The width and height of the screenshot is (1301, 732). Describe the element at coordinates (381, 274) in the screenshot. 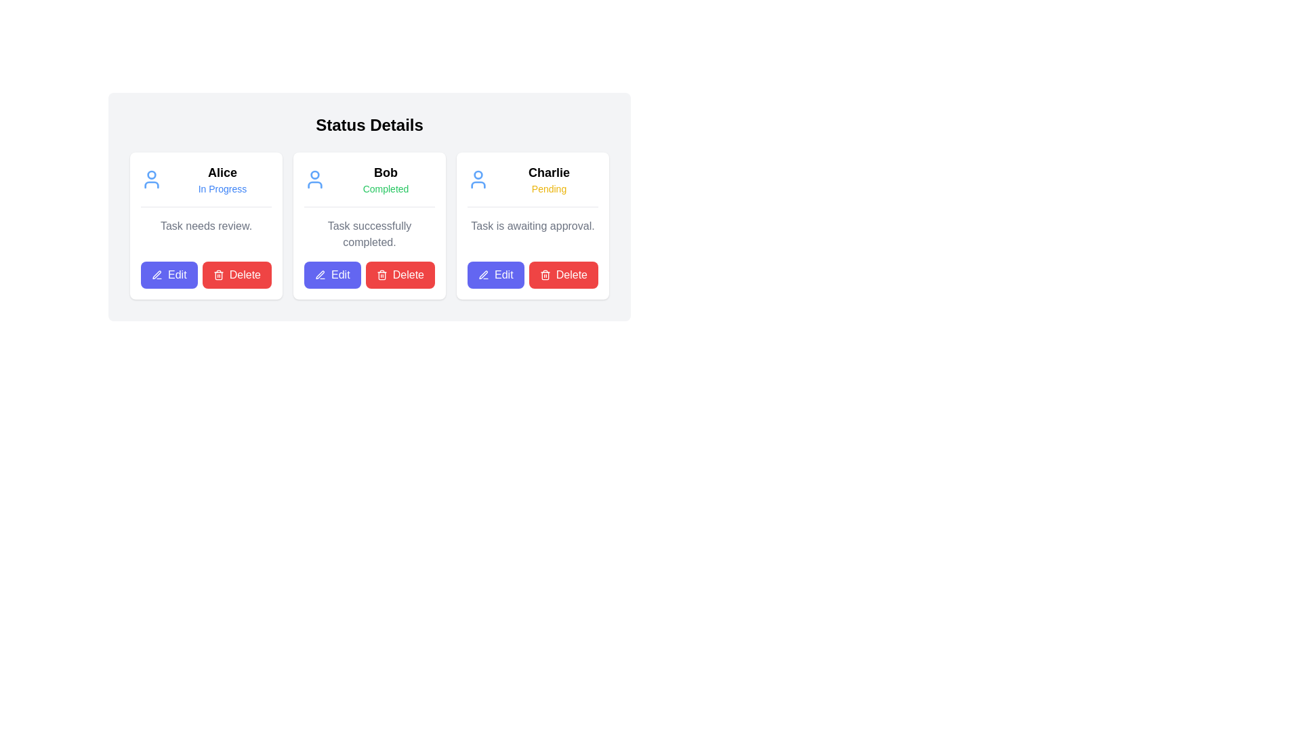

I see `the trash can SVG icon, which is the delete operation symbol located within the rounded red button labeled 'Delete' for the task card associated with 'Bob'` at that location.